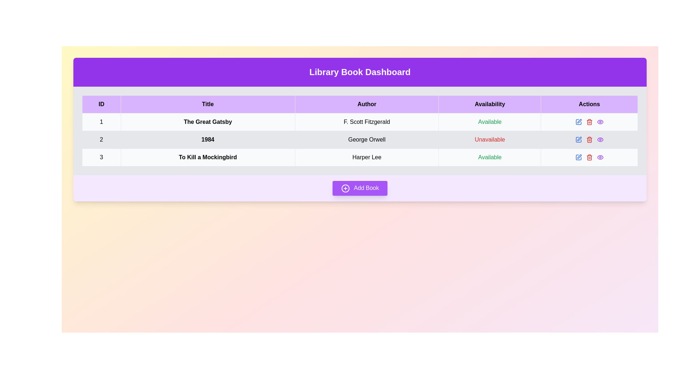 Image resolution: width=694 pixels, height=390 pixels. I want to click on the first table row displaying details about the book 'The Great Gatsby' for interaction, so click(360, 122).